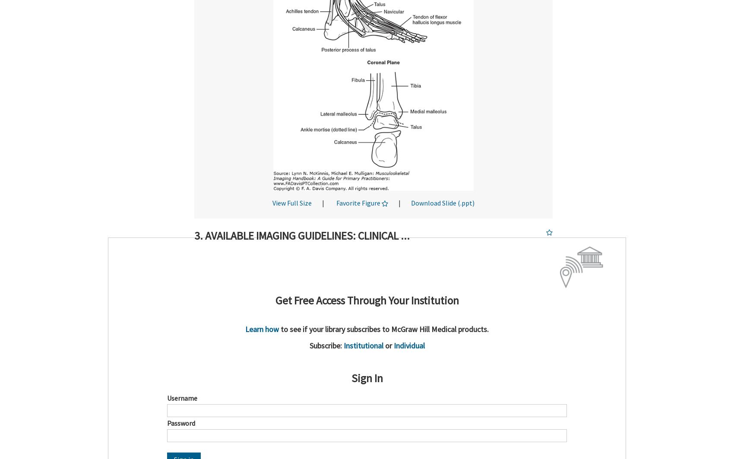 This screenshot has width=734, height=459. I want to click on 'Learn how', so click(262, 329).